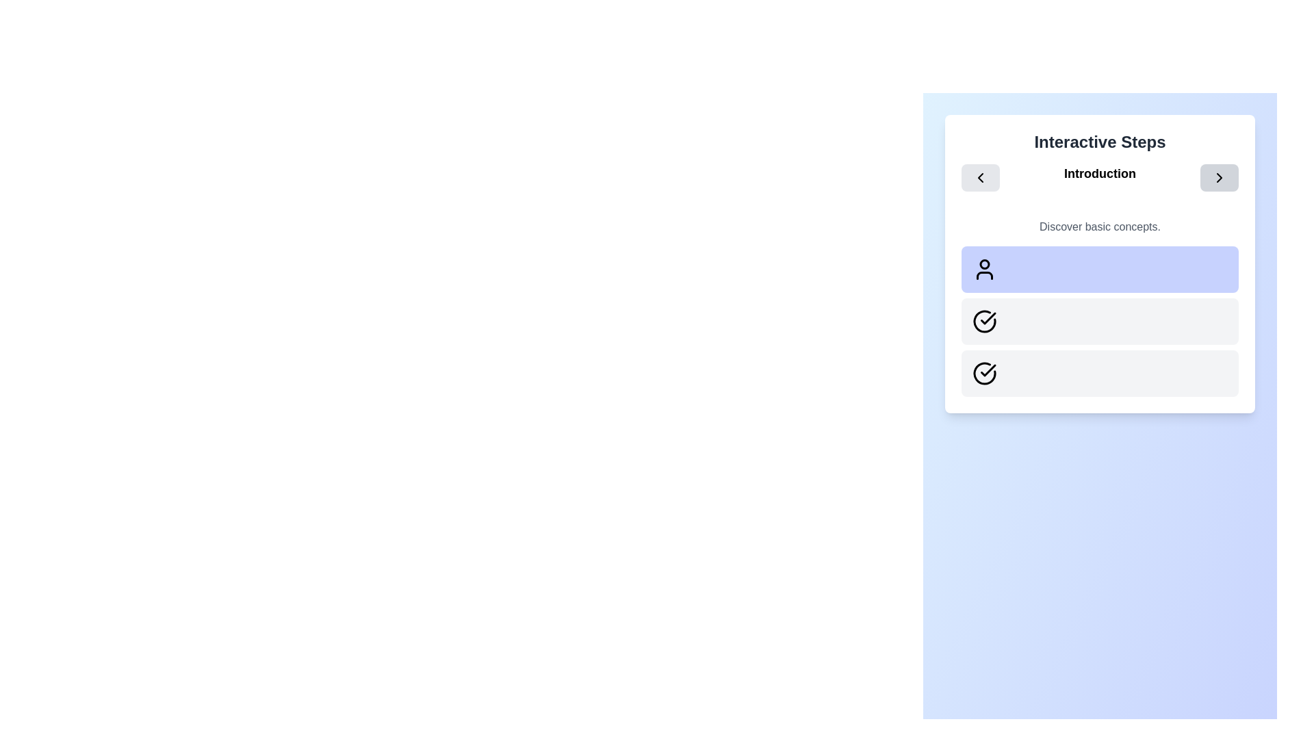  I want to click on the status of the third step indicator in the vertical sequence of steps under the 'Interactive Steps' heading, so click(1100, 374).